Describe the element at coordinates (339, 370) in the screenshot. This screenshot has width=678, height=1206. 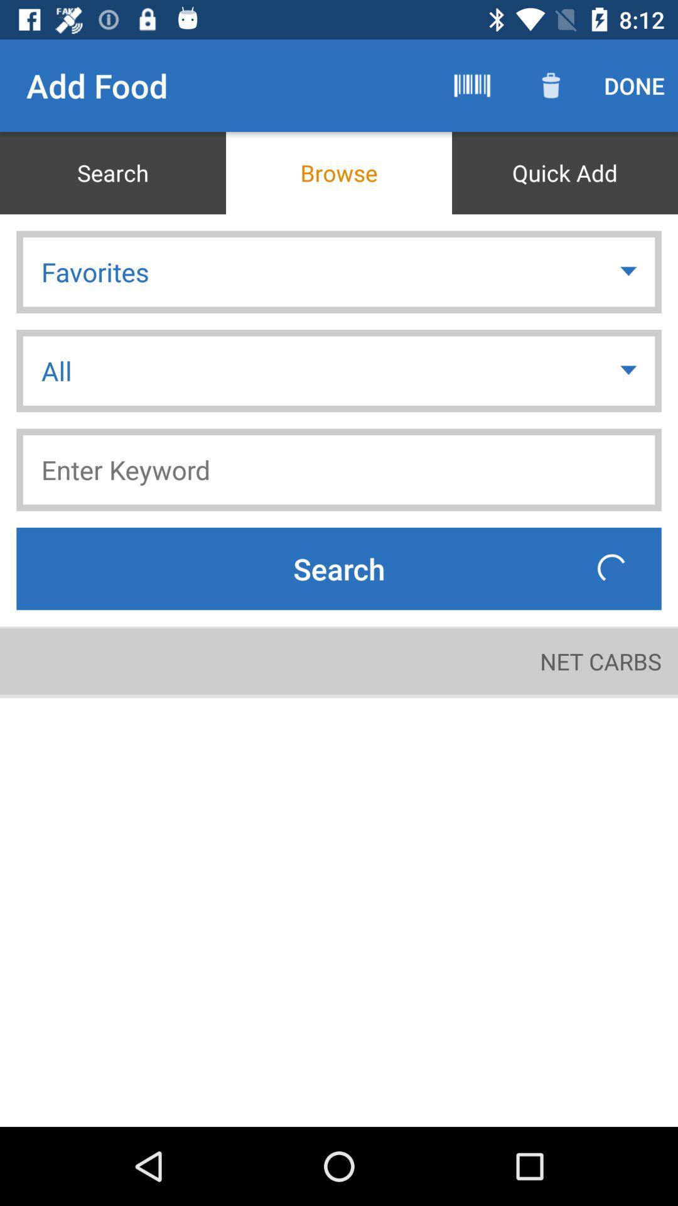
I see `all item` at that location.